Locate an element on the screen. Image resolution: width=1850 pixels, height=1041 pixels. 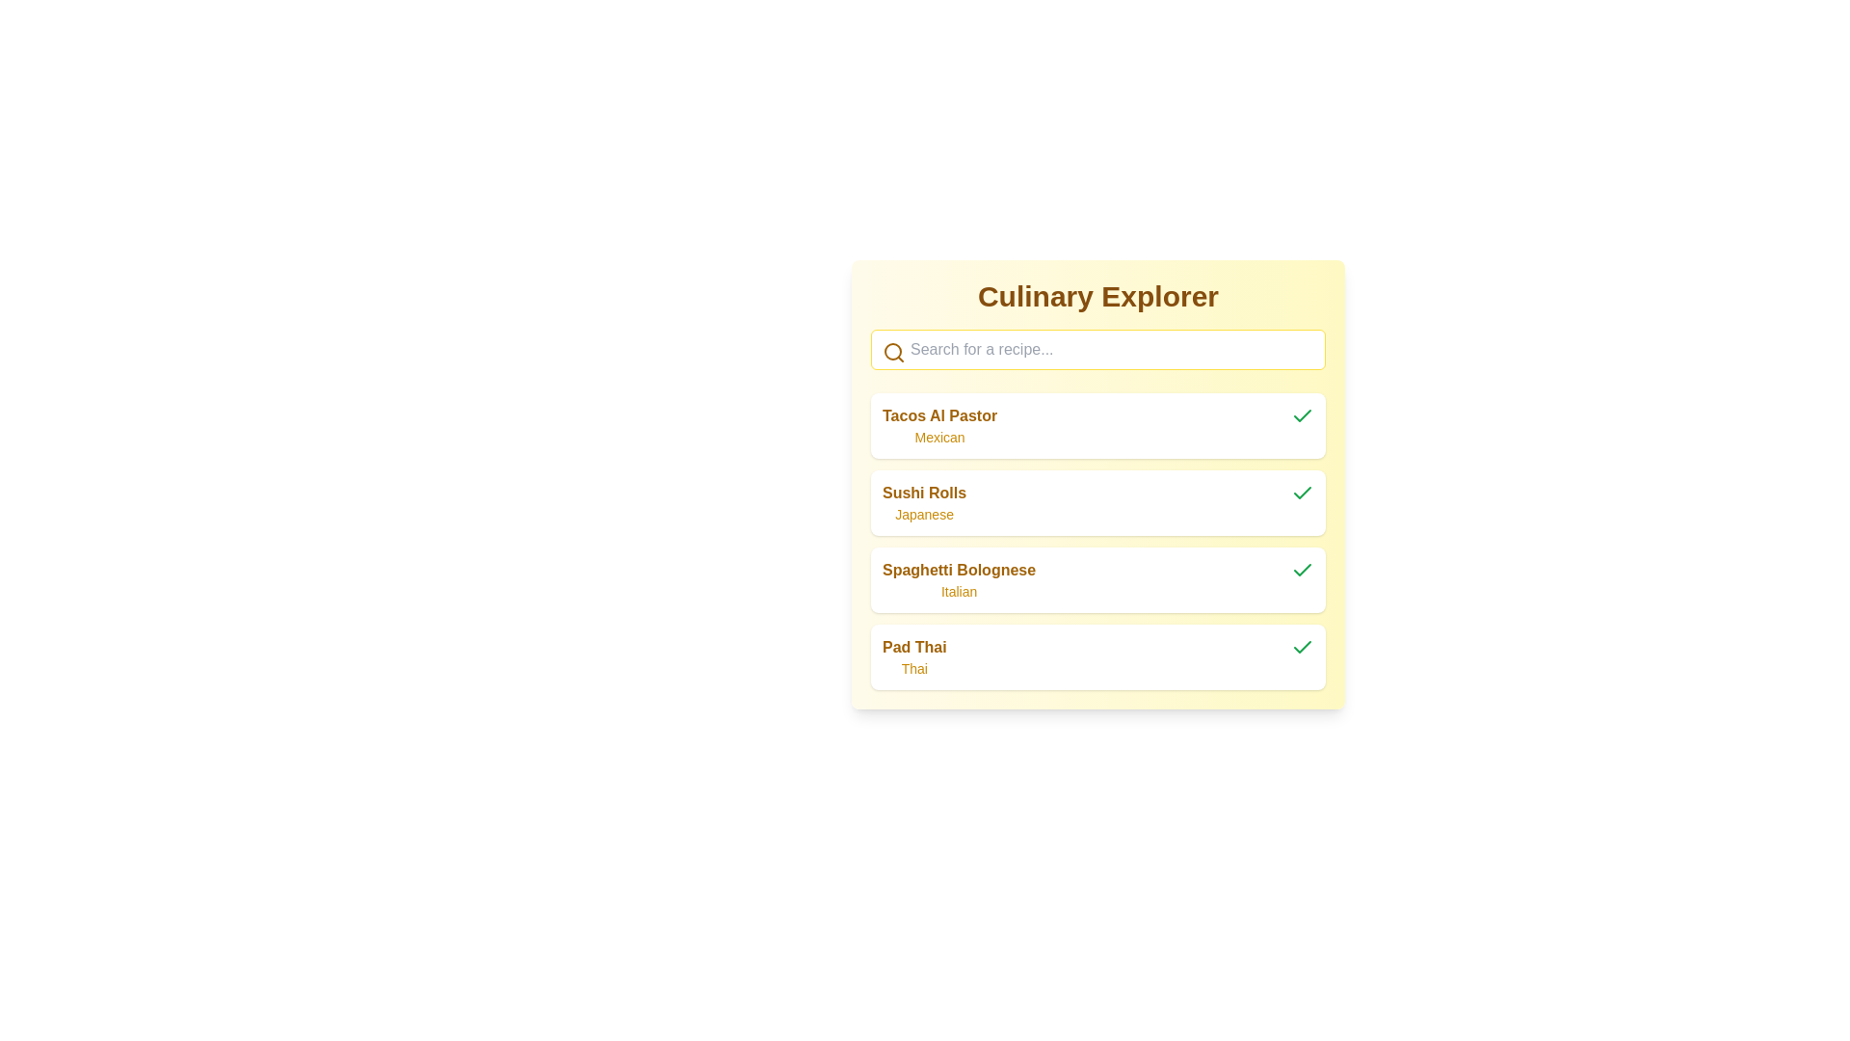
the fourth item in the list representing 'Pad Thai' is located at coordinates (1098, 656).